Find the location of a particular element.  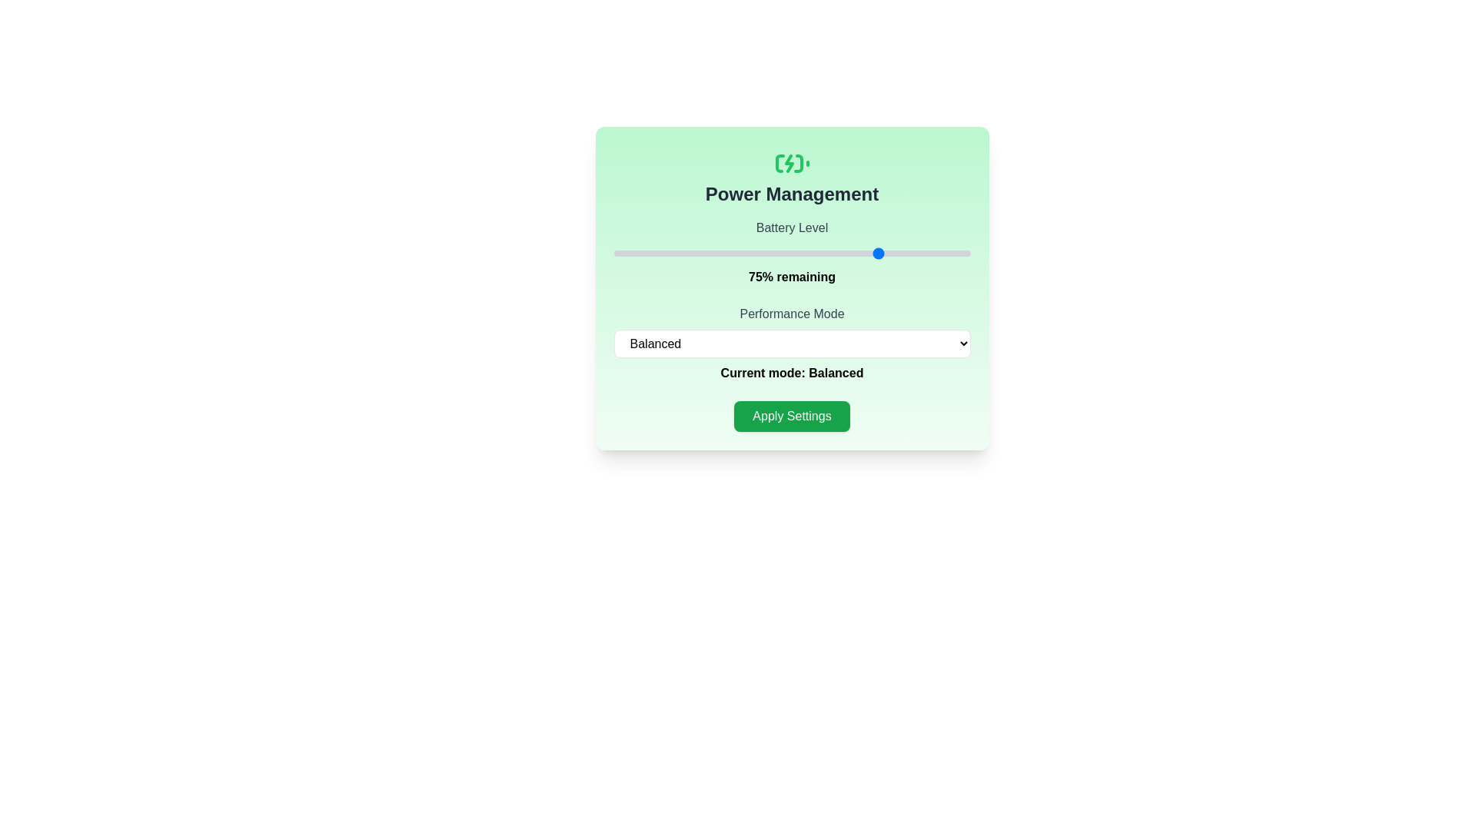

'Apply Settings' button to save the changes is located at coordinates (792, 417).